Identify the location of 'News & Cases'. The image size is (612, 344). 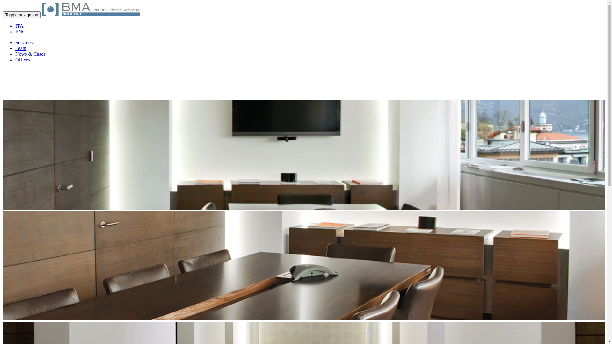
(30, 54).